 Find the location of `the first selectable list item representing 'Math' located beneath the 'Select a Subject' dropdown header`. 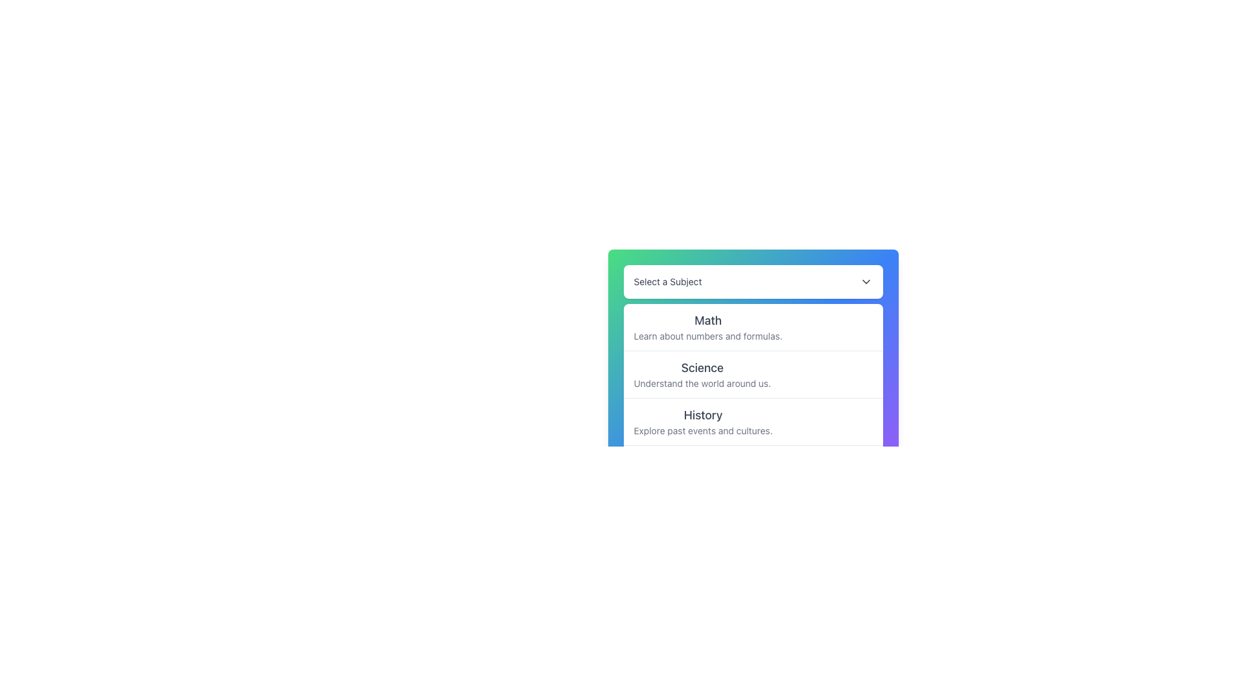

the first selectable list item representing 'Math' located beneath the 'Select a Subject' dropdown header is located at coordinates (707, 327).